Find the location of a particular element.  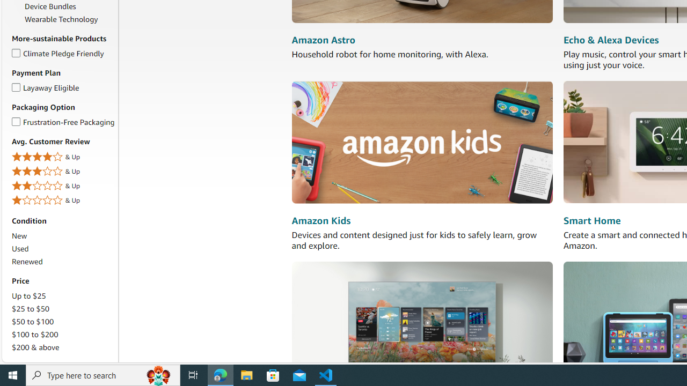

'1 Star & Up' is located at coordinates (62, 201).